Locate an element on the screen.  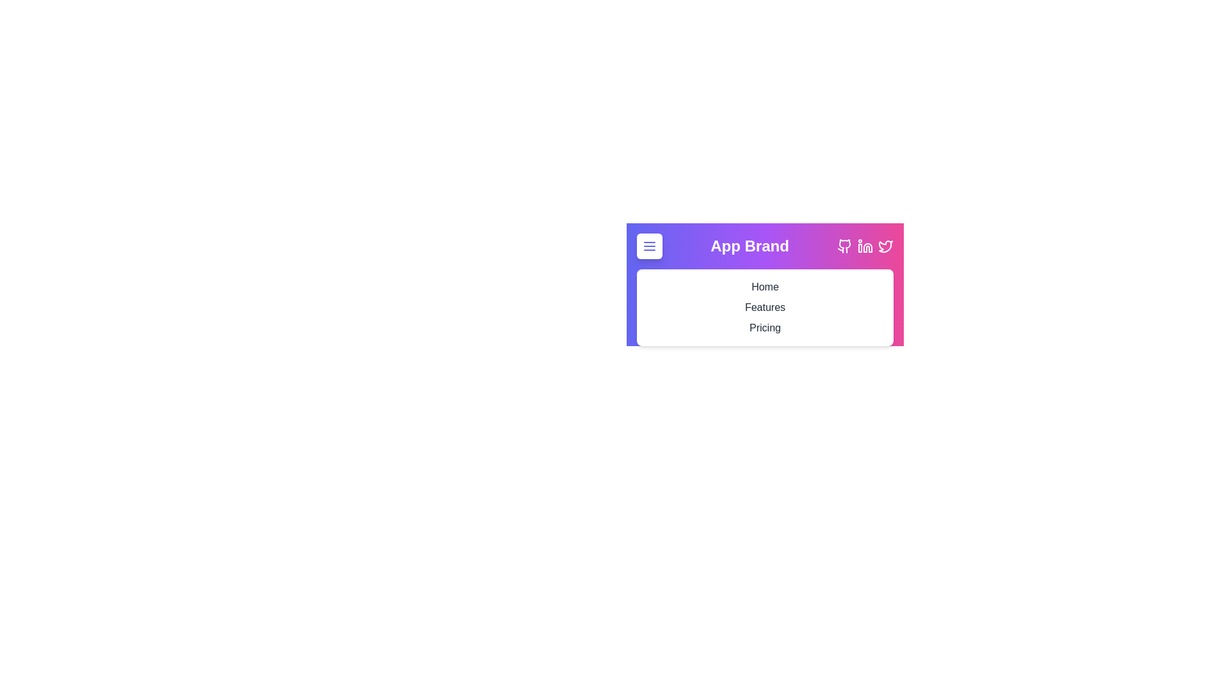
the brand title 'App Brand' is located at coordinates (750, 246).